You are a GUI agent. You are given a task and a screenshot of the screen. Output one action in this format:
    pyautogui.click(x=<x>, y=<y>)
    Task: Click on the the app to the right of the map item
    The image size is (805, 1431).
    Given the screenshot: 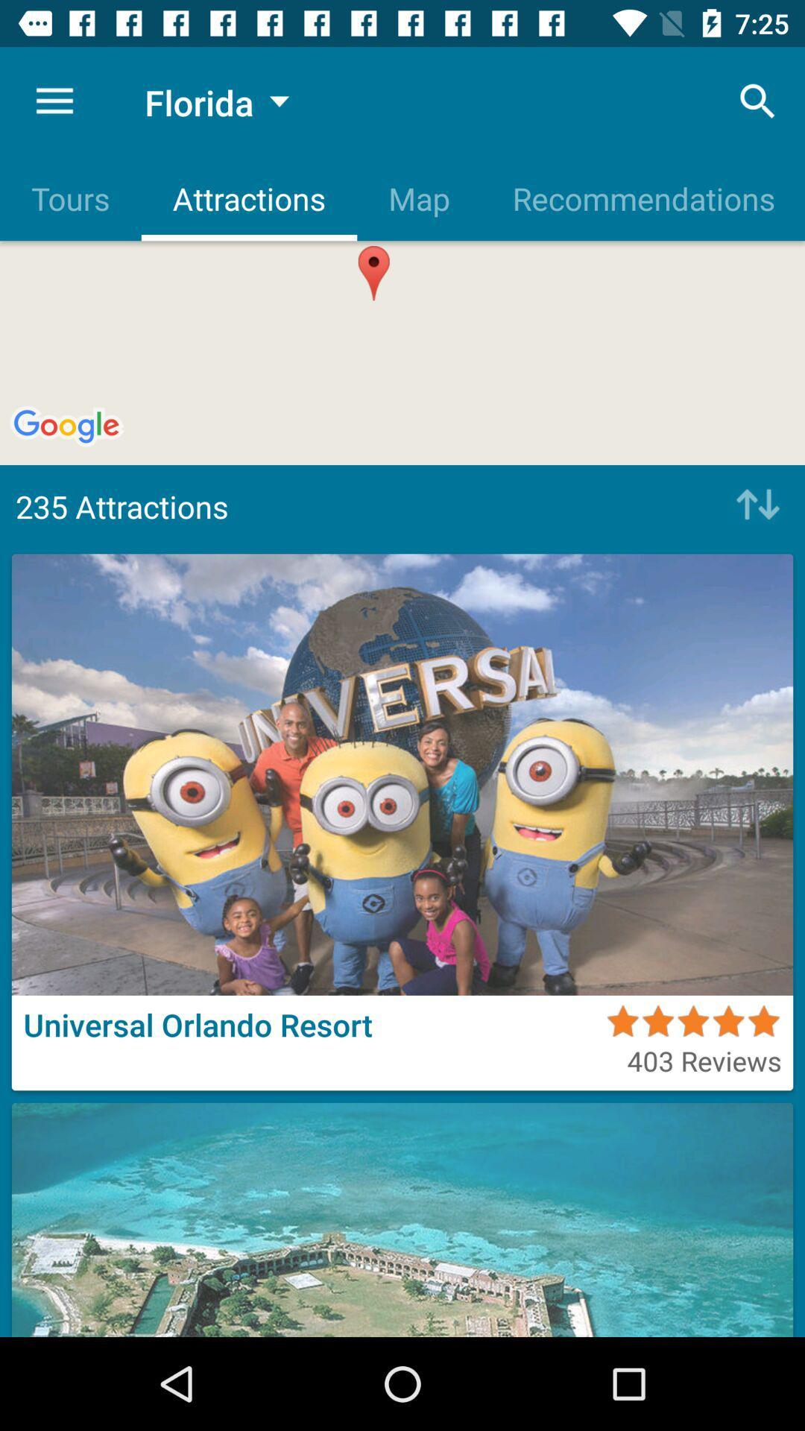 What is the action you would take?
    pyautogui.click(x=758, y=101)
    